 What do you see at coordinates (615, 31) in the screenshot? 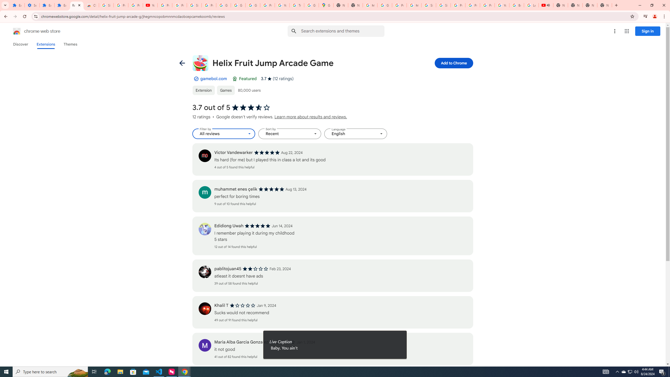
I see `'More options menu'` at bounding box center [615, 31].